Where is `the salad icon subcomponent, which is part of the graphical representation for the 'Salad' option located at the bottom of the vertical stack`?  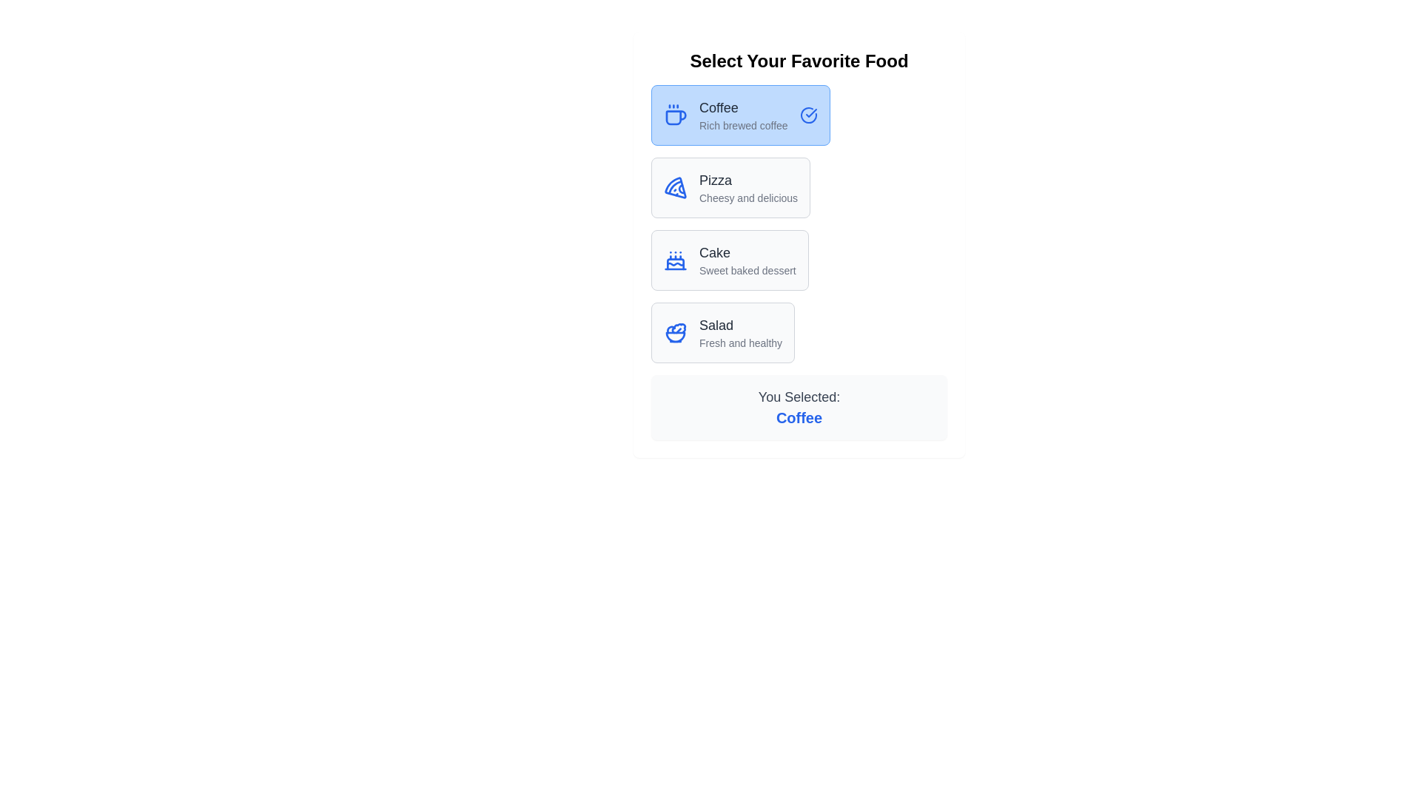 the salad icon subcomponent, which is part of the graphical representation for the 'Salad' option located at the bottom of the vertical stack is located at coordinates (678, 328).